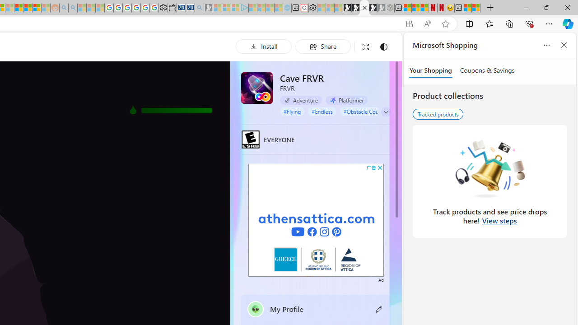  I want to click on 'Play Cave FRVR in your browser | Games from Microsoft Start', so click(364, 8).